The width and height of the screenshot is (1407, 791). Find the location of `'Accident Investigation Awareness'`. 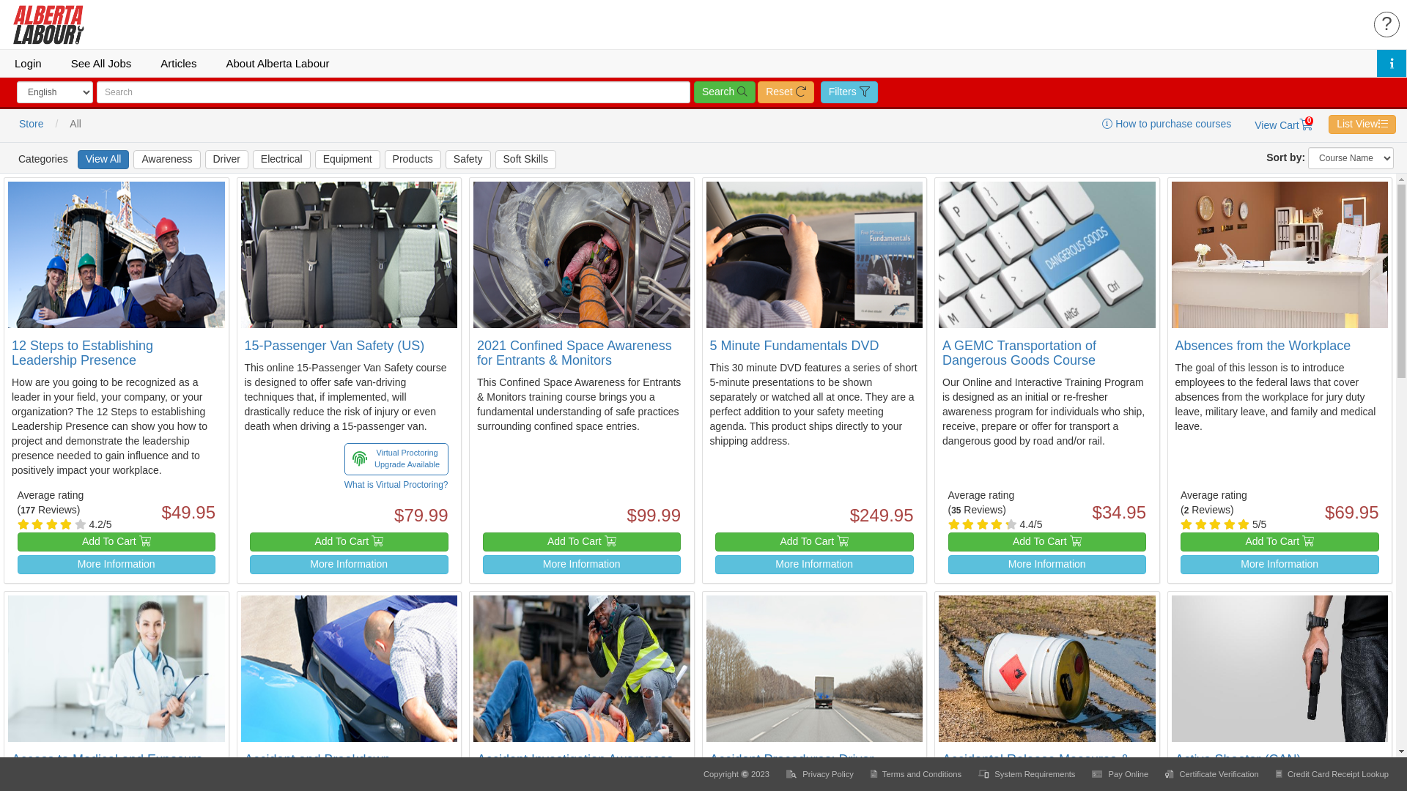

'Accident Investigation Awareness' is located at coordinates (575, 759).